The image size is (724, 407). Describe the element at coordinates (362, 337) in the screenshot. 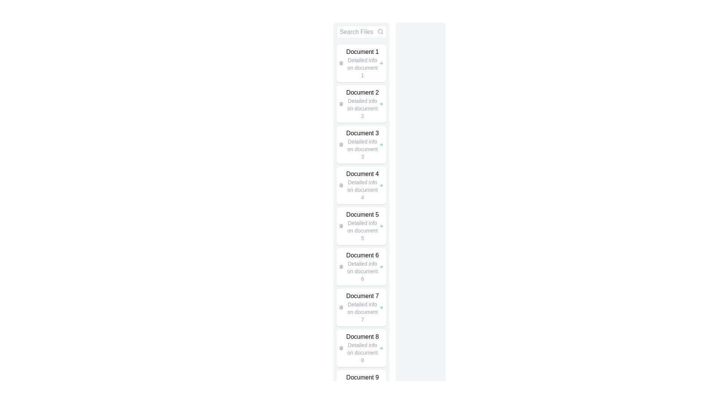

I see `title information from the text label displaying 'Document 8' which is part of the eighth entry in a vertical list of document items` at that location.